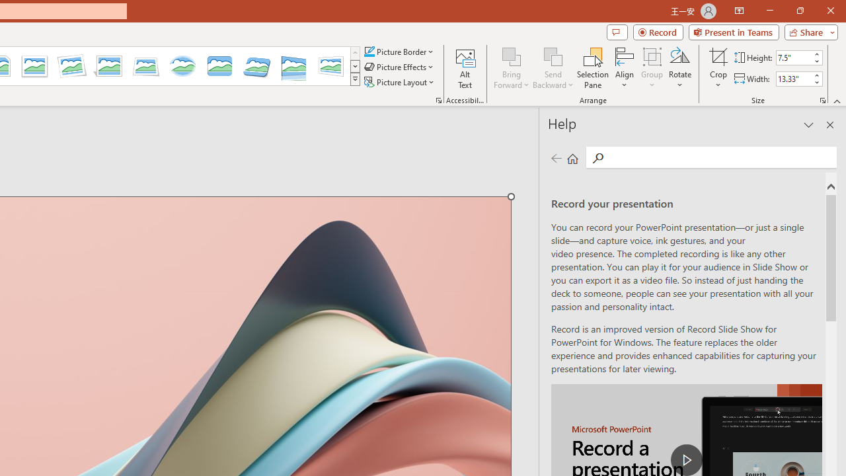 The width and height of the screenshot is (846, 476). Describe the element at coordinates (652, 68) in the screenshot. I see `'Group'` at that location.